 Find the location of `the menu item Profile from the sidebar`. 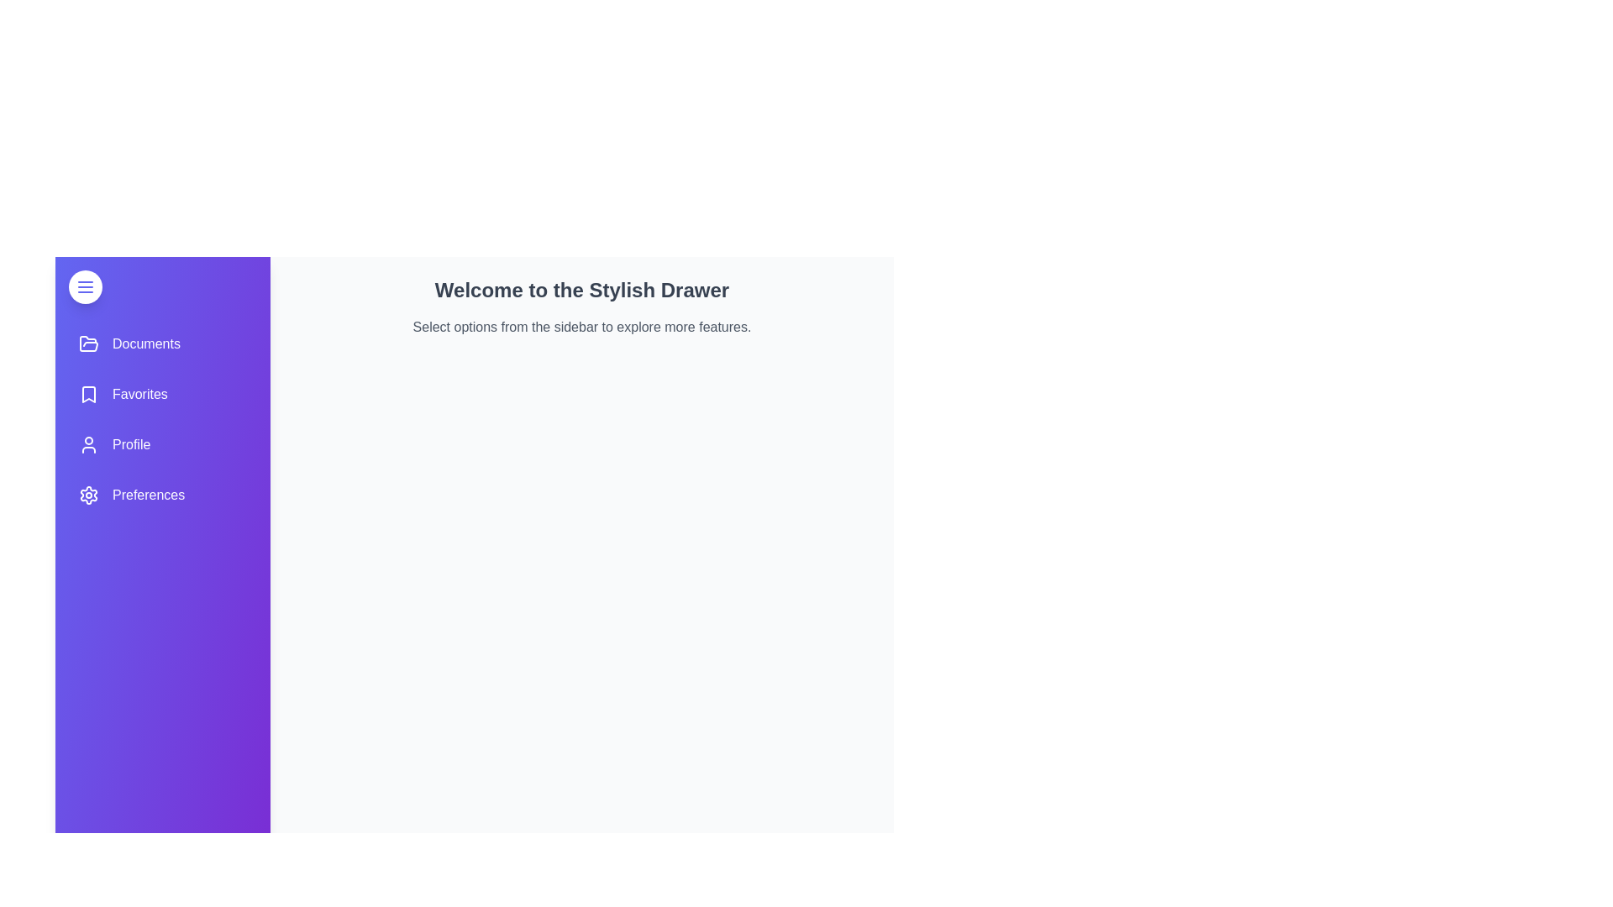

the menu item Profile from the sidebar is located at coordinates (162, 443).